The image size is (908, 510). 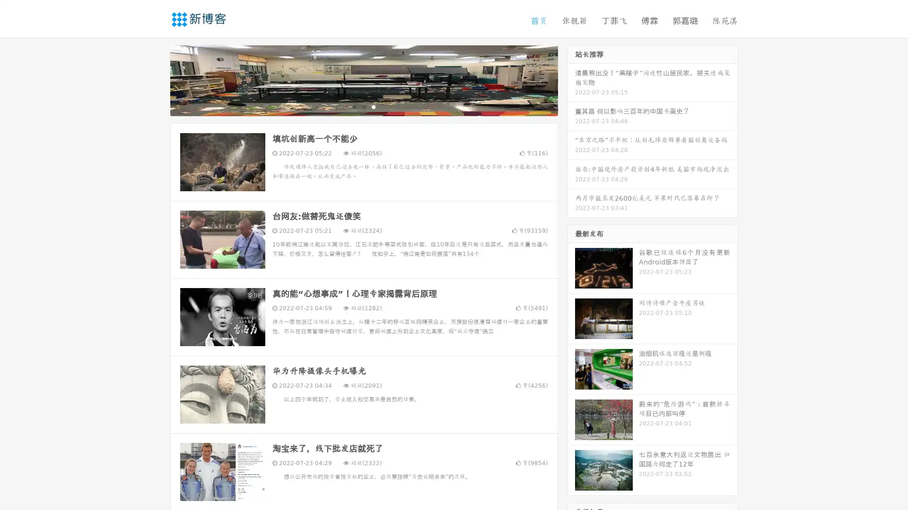 What do you see at coordinates (156, 79) in the screenshot?
I see `Previous slide` at bounding box center [156, 79].